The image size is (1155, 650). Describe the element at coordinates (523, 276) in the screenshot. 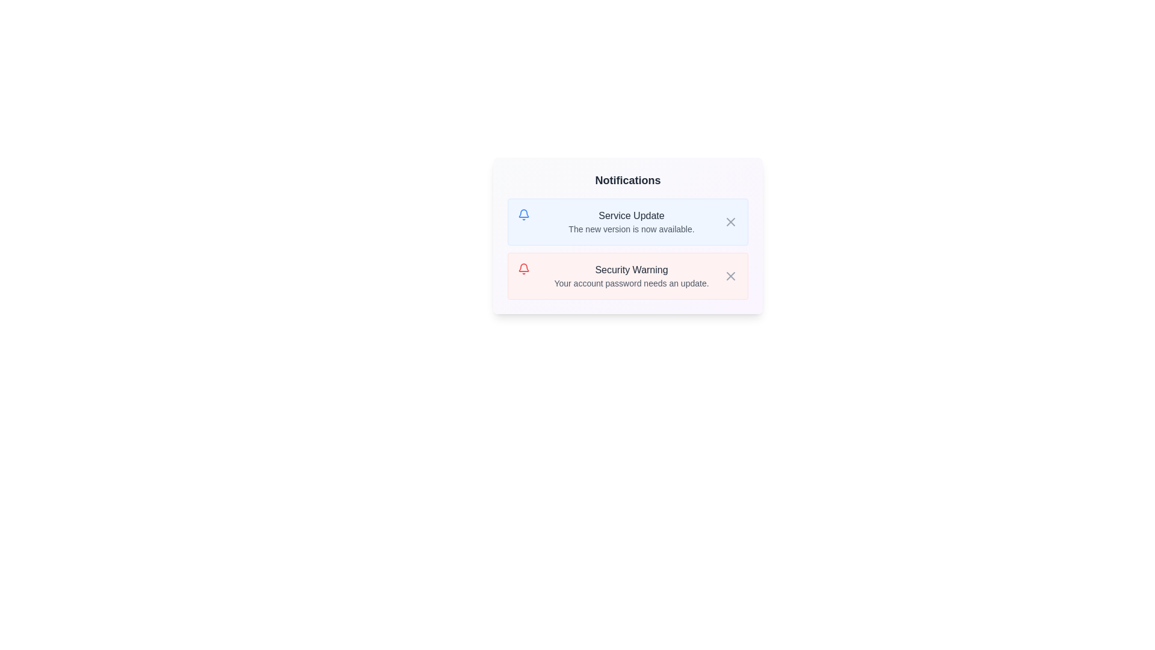

I see `the red bell icon located to the left side of the 'Security Warning' notification box` at that location.